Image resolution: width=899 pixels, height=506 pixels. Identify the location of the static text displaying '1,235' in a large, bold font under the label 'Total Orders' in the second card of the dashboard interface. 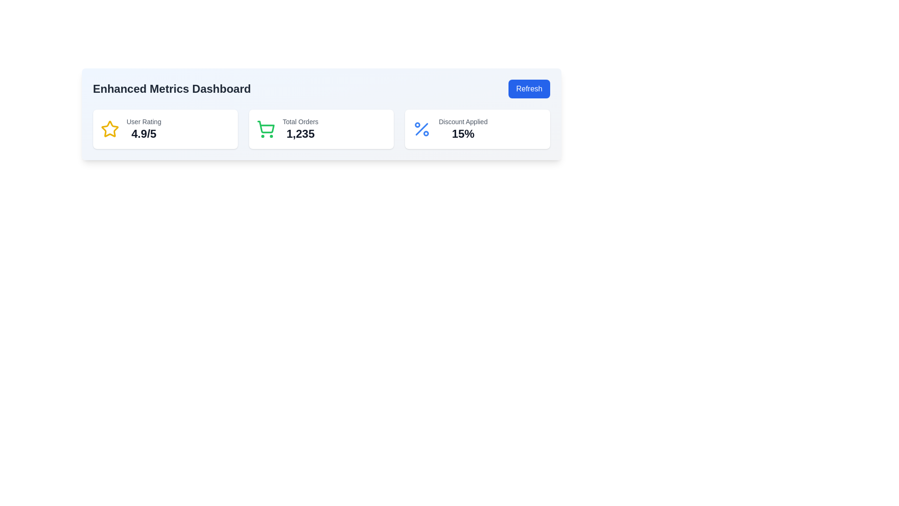
(300, 134).